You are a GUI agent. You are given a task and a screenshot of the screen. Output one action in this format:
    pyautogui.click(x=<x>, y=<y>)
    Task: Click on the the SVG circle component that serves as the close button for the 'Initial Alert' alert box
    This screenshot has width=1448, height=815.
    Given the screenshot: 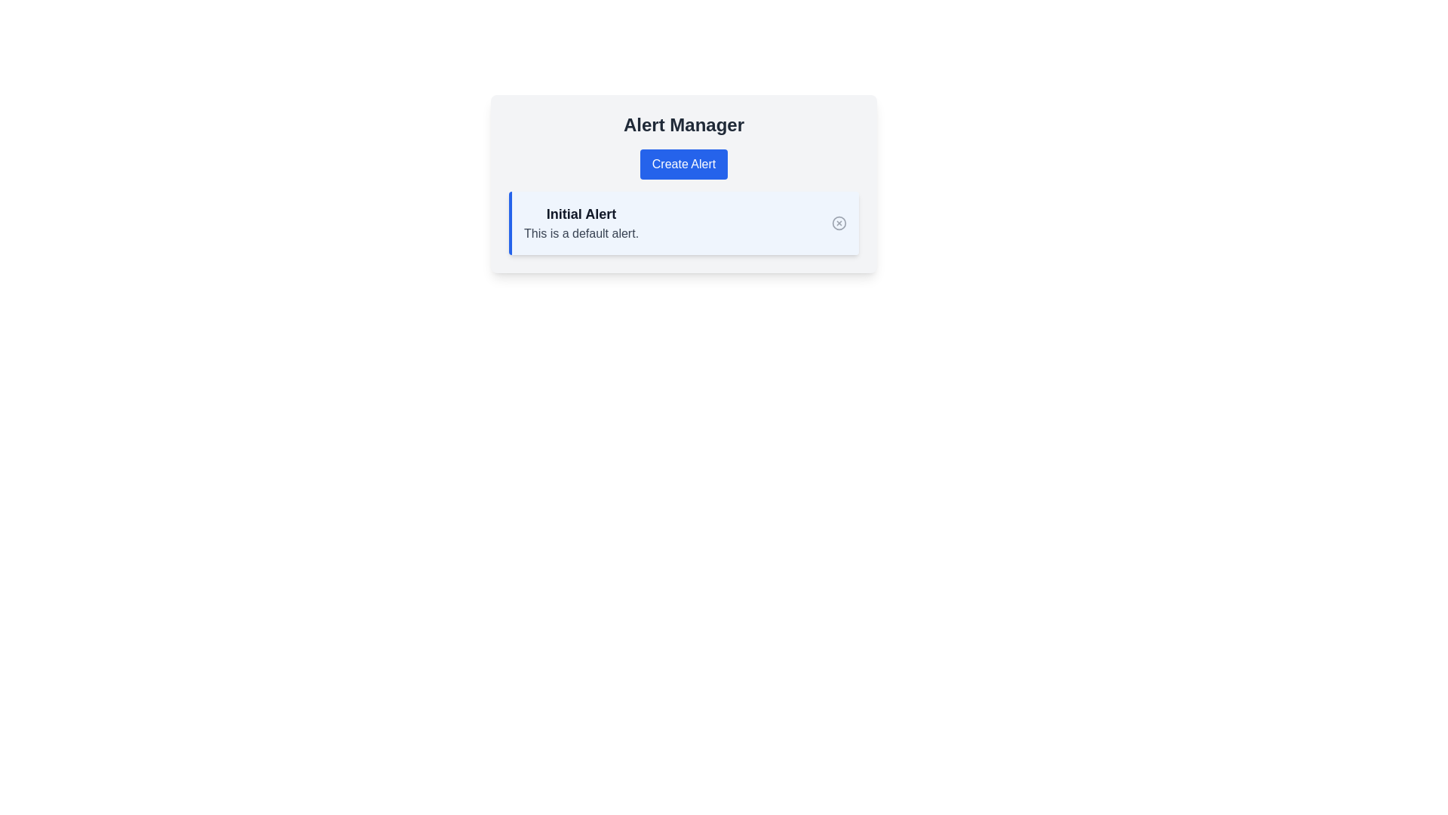 What is the action you would take?
    pyautogui.click(x=839, y=223)
    